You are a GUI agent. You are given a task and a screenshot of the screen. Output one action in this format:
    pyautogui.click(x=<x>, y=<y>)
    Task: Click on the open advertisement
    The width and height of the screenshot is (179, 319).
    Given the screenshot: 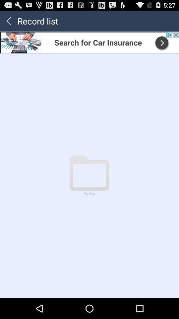 What is the action you would take?
    pyautogui.click(x=89, y=42)
    